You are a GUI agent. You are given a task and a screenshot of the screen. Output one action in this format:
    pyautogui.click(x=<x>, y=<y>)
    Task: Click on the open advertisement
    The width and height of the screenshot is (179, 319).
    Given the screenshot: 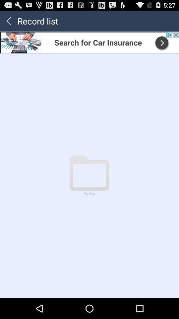 What is the action you would take?
    pyautogui.click(x=89, y=42)
    